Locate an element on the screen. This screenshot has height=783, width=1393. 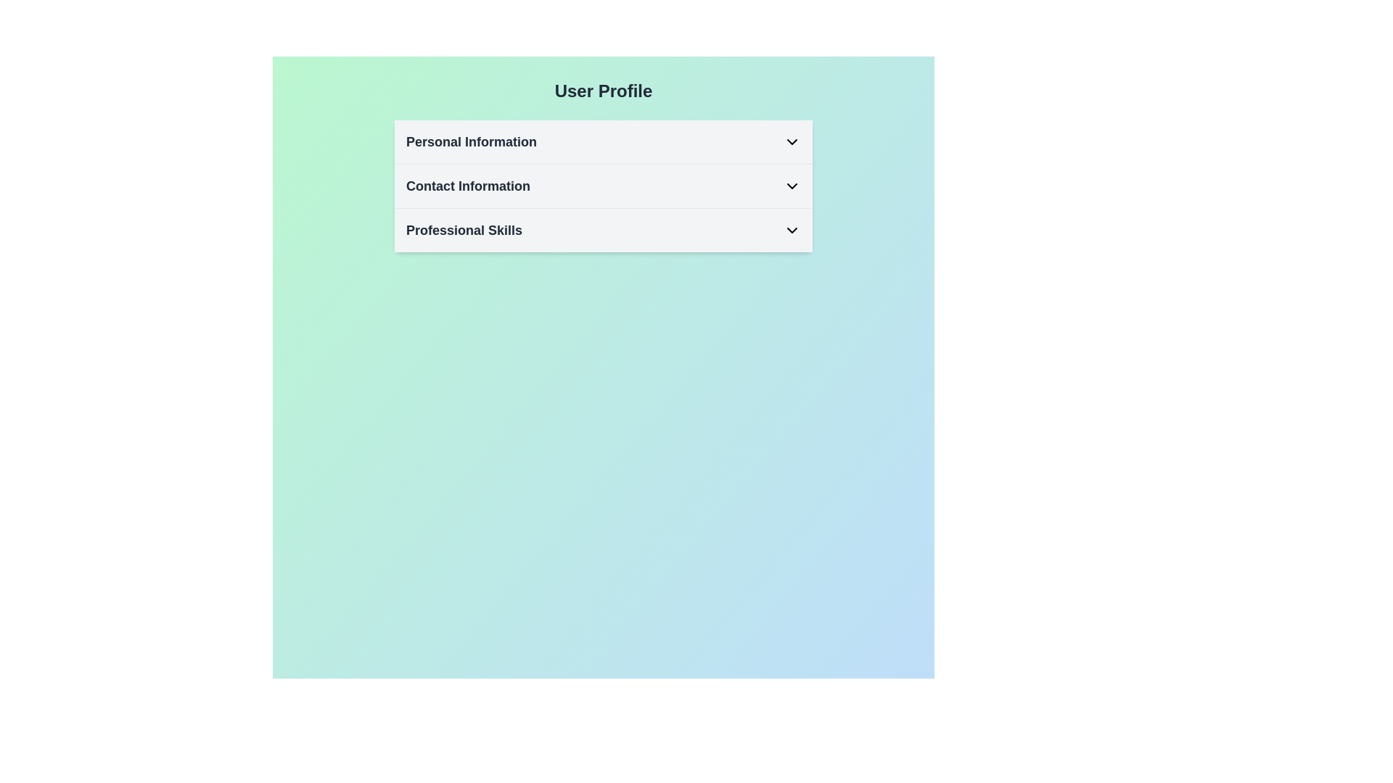
the chevron icon on the far-right side of the 'Professional Skills' row is located at coordinates (791, 229).